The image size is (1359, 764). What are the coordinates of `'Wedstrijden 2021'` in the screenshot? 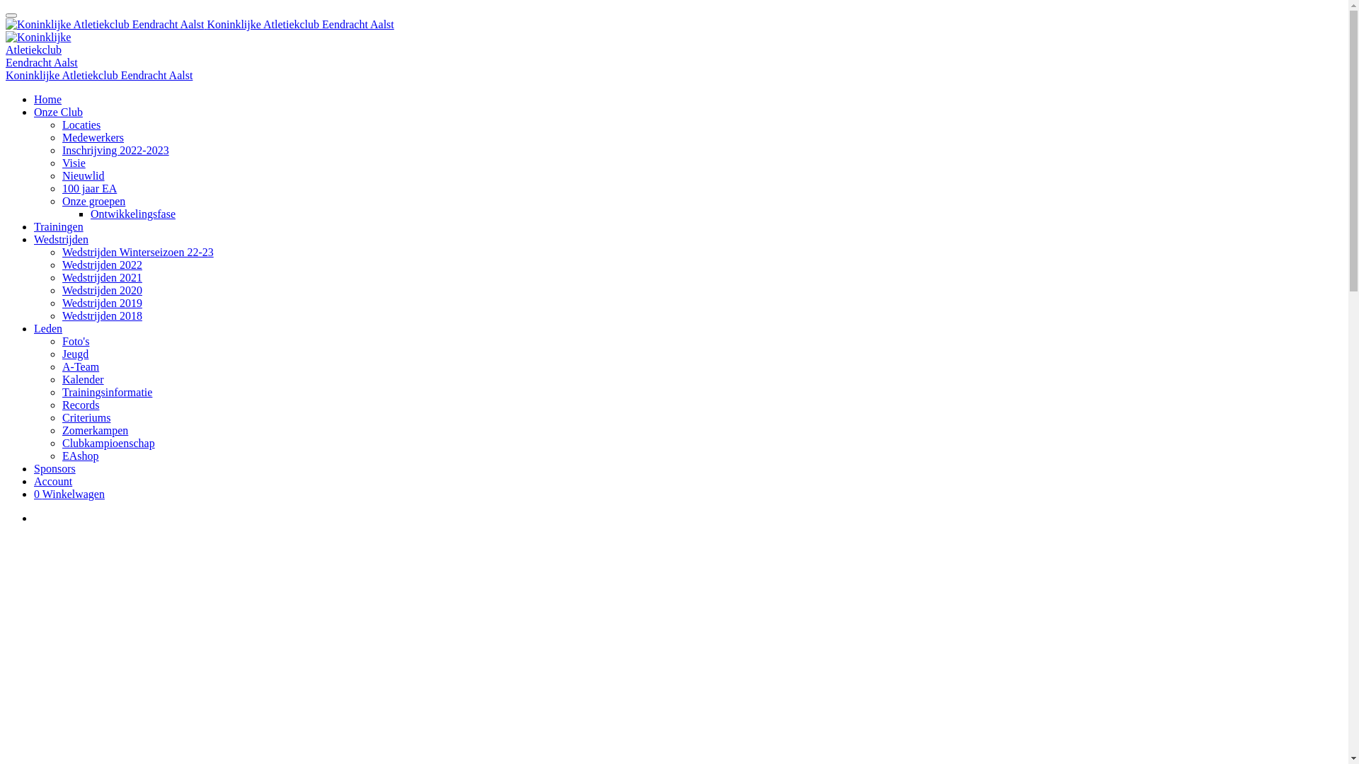 It's located at (101, 277).